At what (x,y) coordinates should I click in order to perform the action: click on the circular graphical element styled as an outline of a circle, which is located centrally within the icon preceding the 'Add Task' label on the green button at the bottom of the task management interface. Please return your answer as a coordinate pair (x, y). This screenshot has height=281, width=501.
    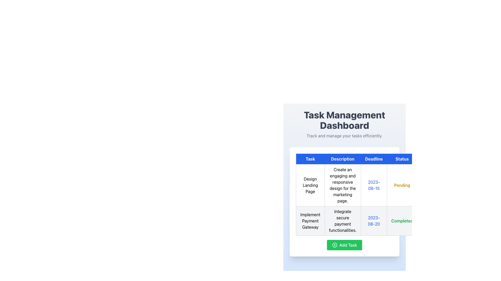
    Looking at the image, I should click on (335, 245).